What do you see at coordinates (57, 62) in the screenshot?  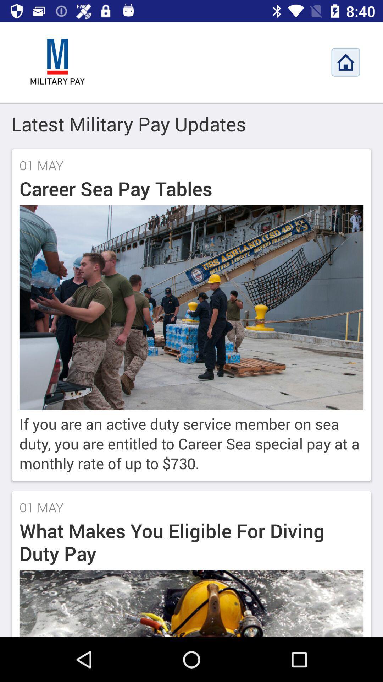 I see `main screen` at bounding box center [57, 62].